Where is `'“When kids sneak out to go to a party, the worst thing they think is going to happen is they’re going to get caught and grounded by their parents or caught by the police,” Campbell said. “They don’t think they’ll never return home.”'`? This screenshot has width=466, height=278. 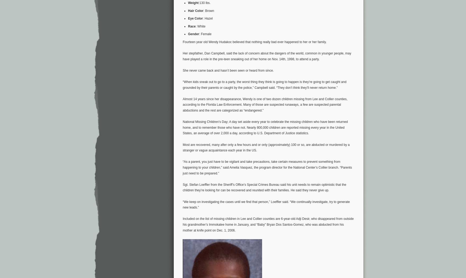 '“When kids sneak out to go to a party, the worst thing they think is going to happen is they’re going to get caught and grounded by their parents or caught by the police,” Campbell said. “They don’t think they’ll never return home.”' is located at coordinates (264, 84).